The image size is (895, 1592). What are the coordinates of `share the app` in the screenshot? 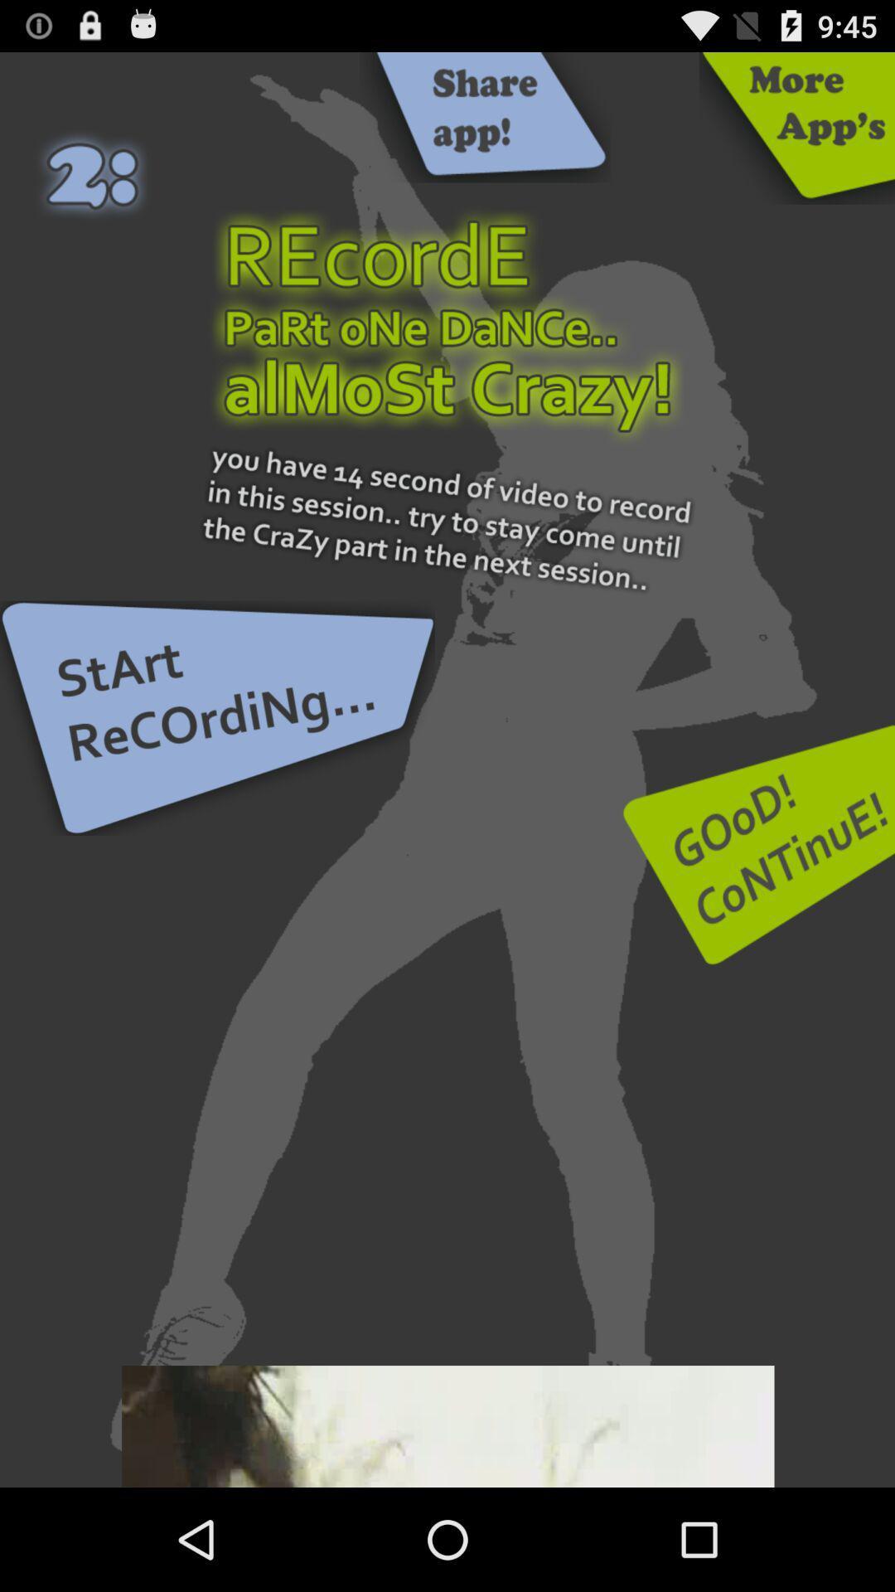 It's located at (485, 116).